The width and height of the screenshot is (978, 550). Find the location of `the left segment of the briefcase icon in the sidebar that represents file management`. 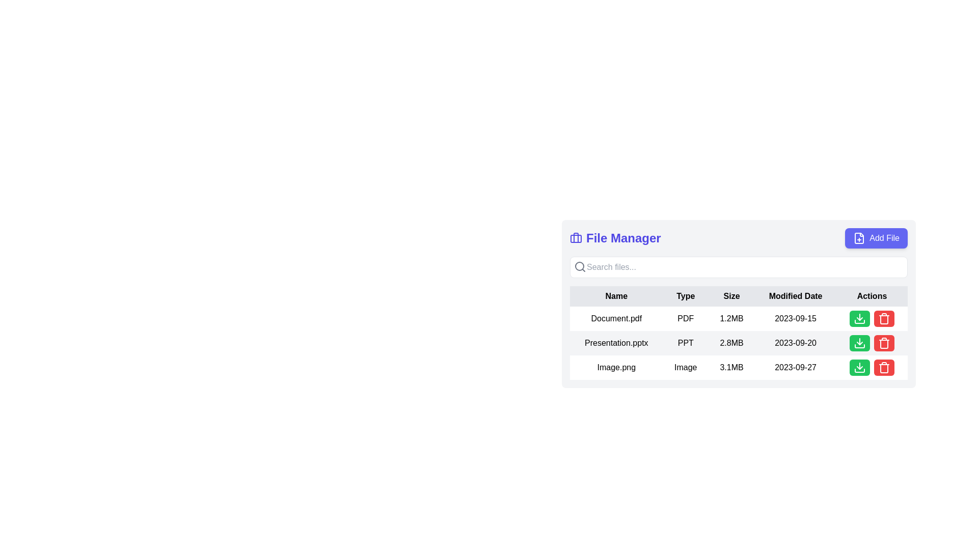

the left segment of the briefcase icon in the sidebar that represents file management is located at coordinates (576, 237).